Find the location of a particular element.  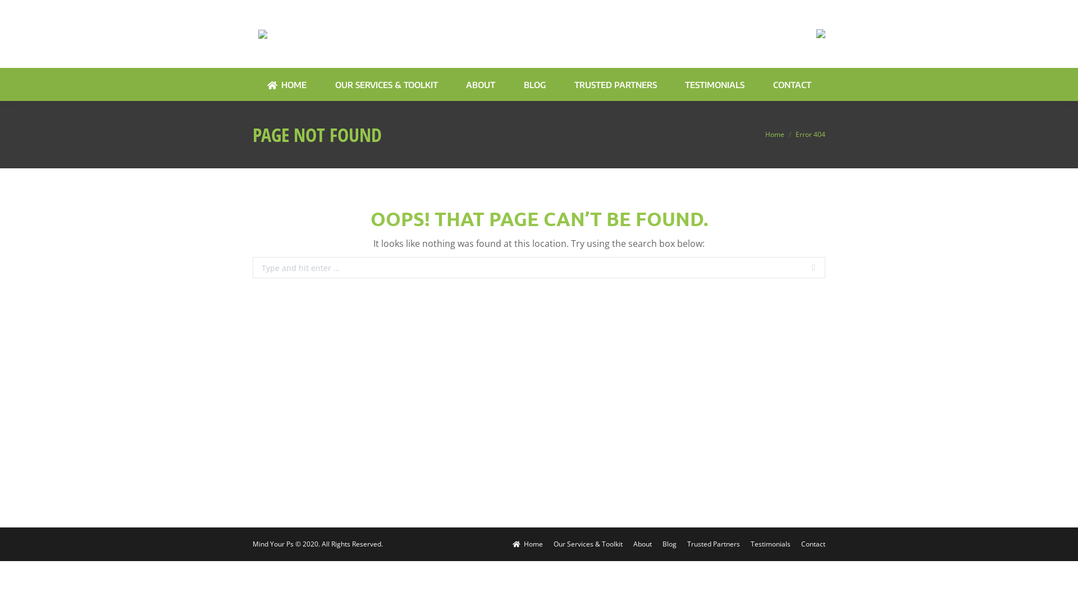

'Home' is located at coordinates (511, 543).